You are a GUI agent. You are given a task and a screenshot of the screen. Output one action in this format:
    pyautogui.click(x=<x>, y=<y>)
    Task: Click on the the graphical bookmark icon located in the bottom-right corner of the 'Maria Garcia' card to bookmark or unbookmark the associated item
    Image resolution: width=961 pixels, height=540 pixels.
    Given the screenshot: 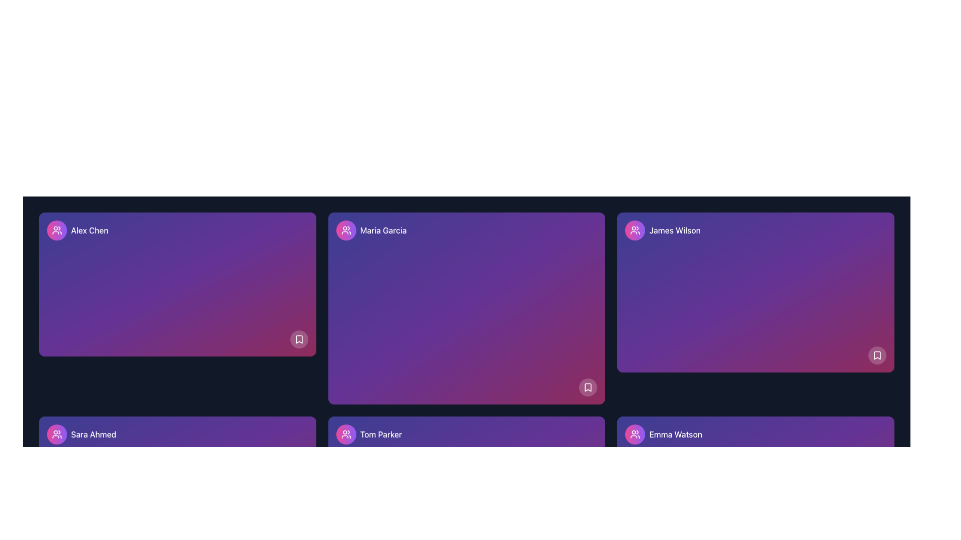 What is the action you would take?
    pyautogui.click(x=588, y=387)
    